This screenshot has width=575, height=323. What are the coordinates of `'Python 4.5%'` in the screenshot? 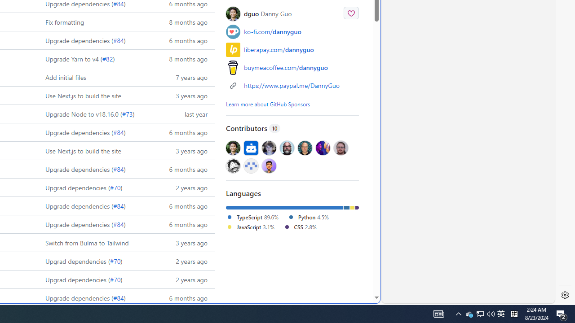 It's located at (308, 217).